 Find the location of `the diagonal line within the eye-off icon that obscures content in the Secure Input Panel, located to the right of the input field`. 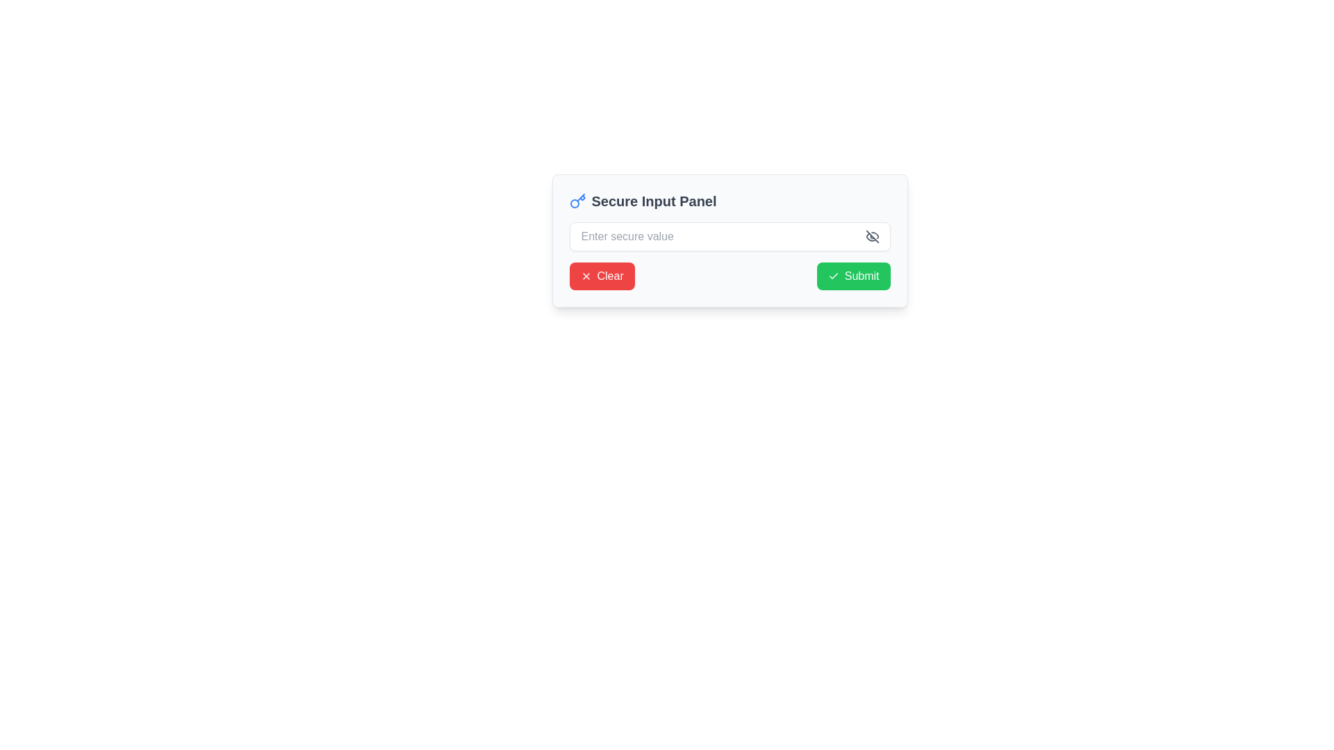

the diagonal line within the eye-off icon that obscures content in the Secure Input Panel, located to the right of the input field is located at coordinates (871, 235).